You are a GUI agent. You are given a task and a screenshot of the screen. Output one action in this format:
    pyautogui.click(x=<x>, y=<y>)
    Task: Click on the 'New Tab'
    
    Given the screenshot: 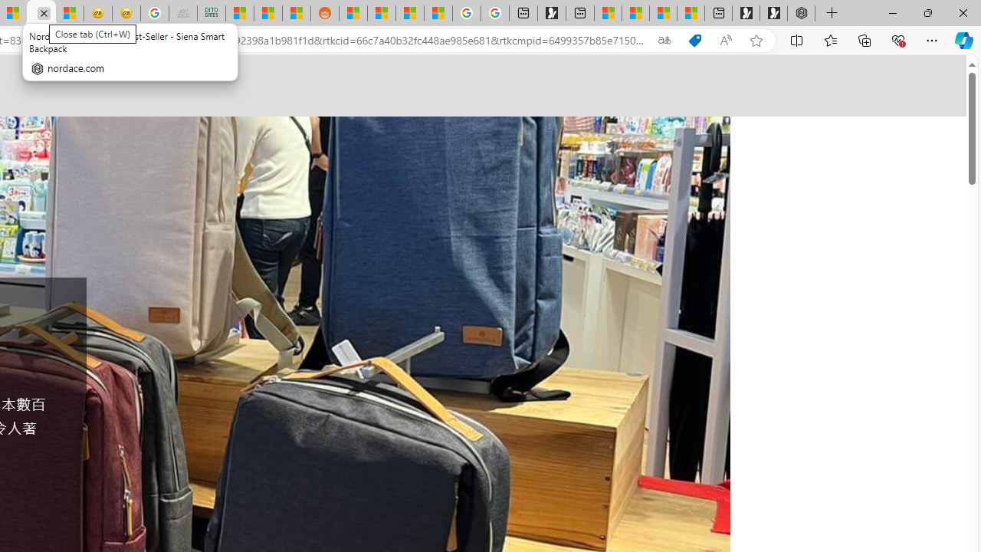 What is the action you would take?
    pyautogui.click(x=832, y=13)
    